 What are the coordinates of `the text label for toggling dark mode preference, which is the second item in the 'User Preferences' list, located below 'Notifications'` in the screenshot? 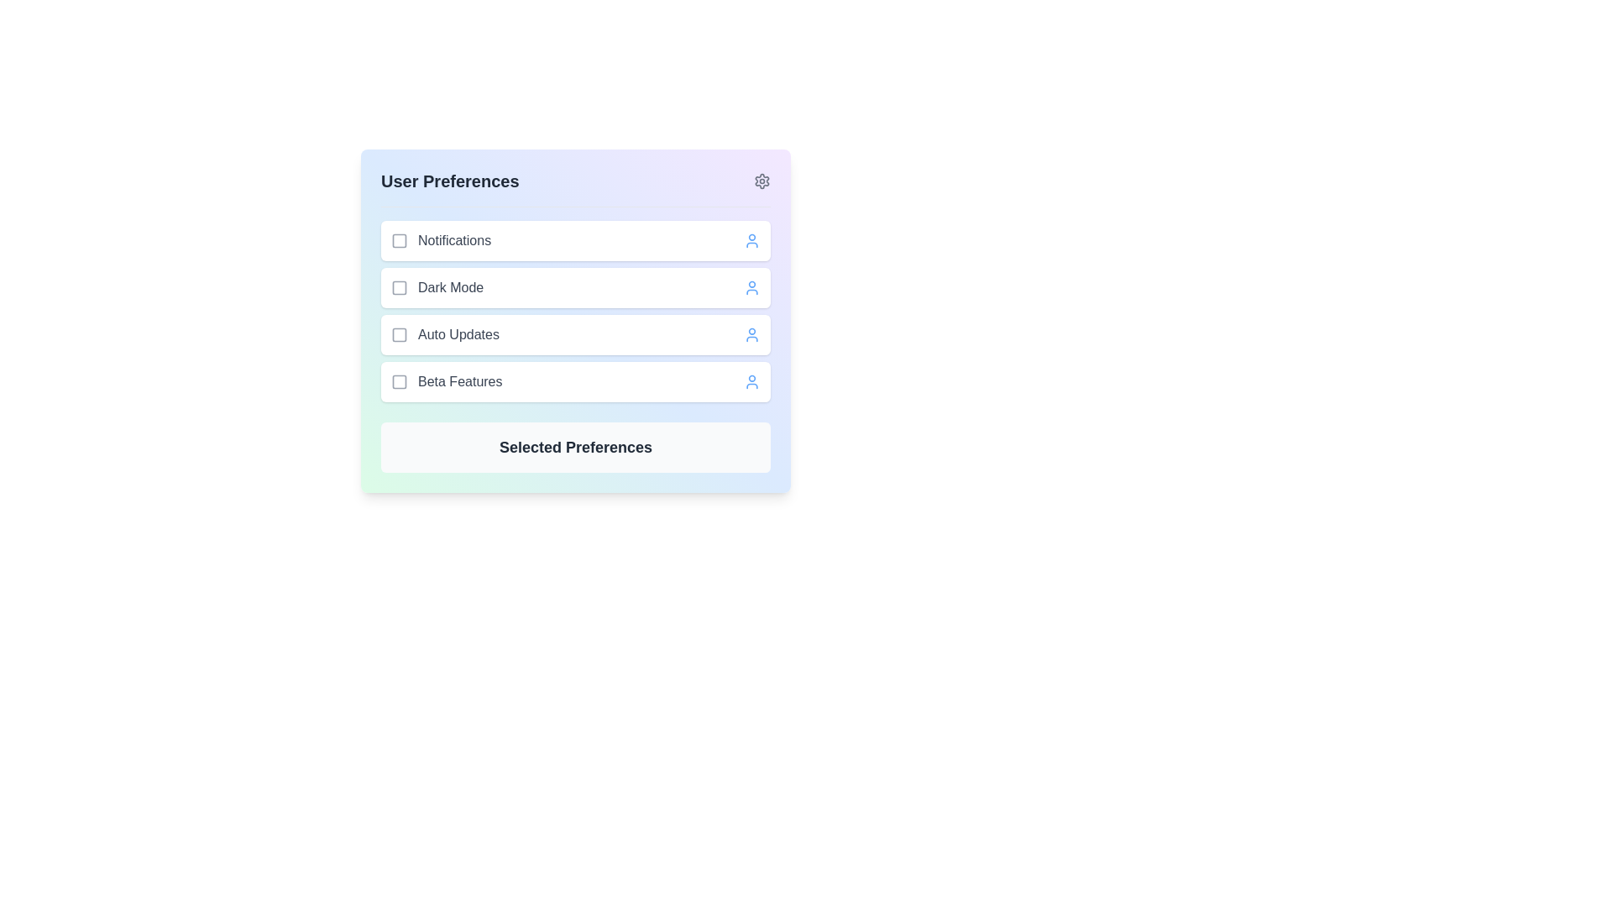 It's located at (437, 287).